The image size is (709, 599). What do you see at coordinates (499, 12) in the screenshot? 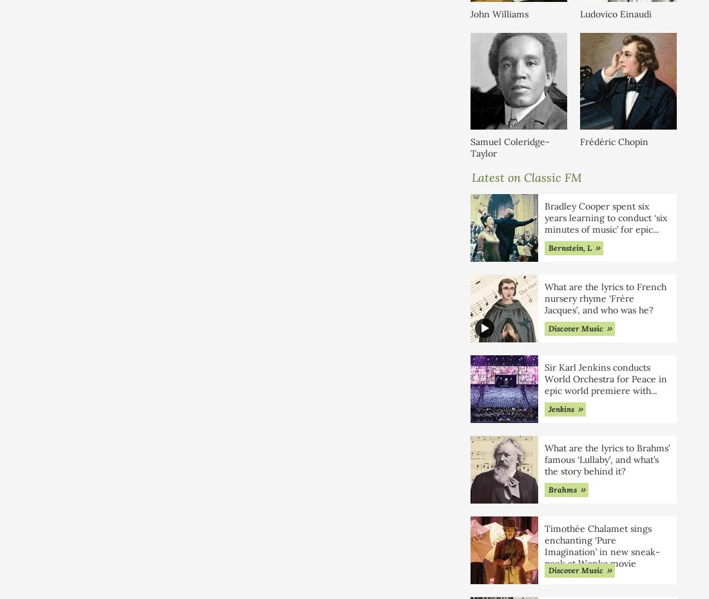
I see `'John Williams'` at bounding box center [499, 12].